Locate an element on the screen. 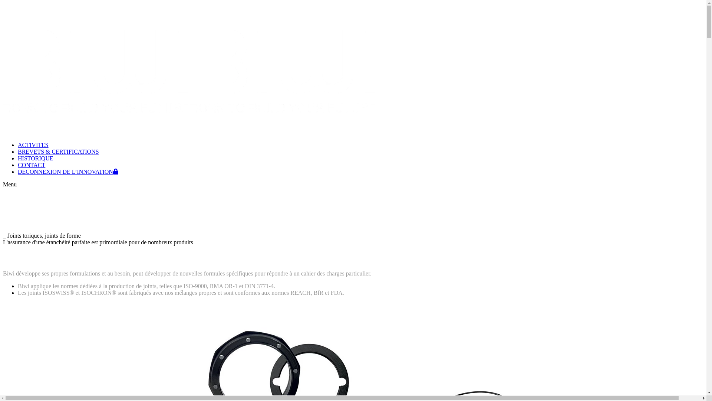  'ACTIVITES' is located at coordinates (33, 145).